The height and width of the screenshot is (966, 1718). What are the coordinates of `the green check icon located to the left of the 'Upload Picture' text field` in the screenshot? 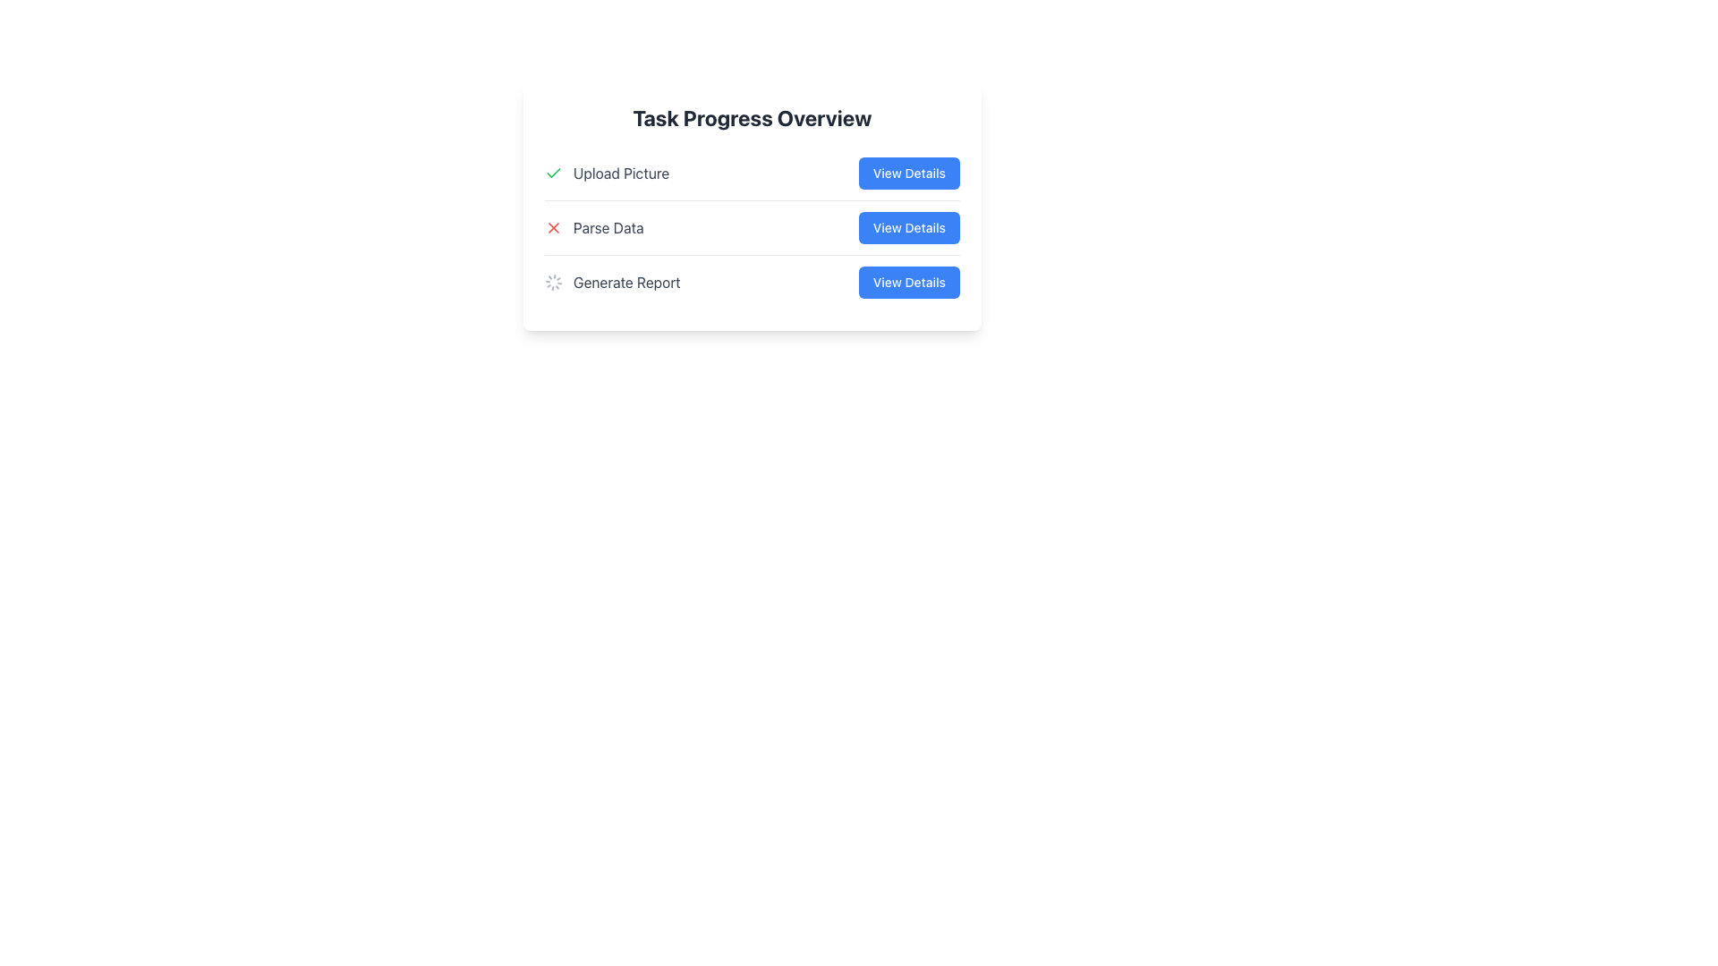 It's located at (553, 172).